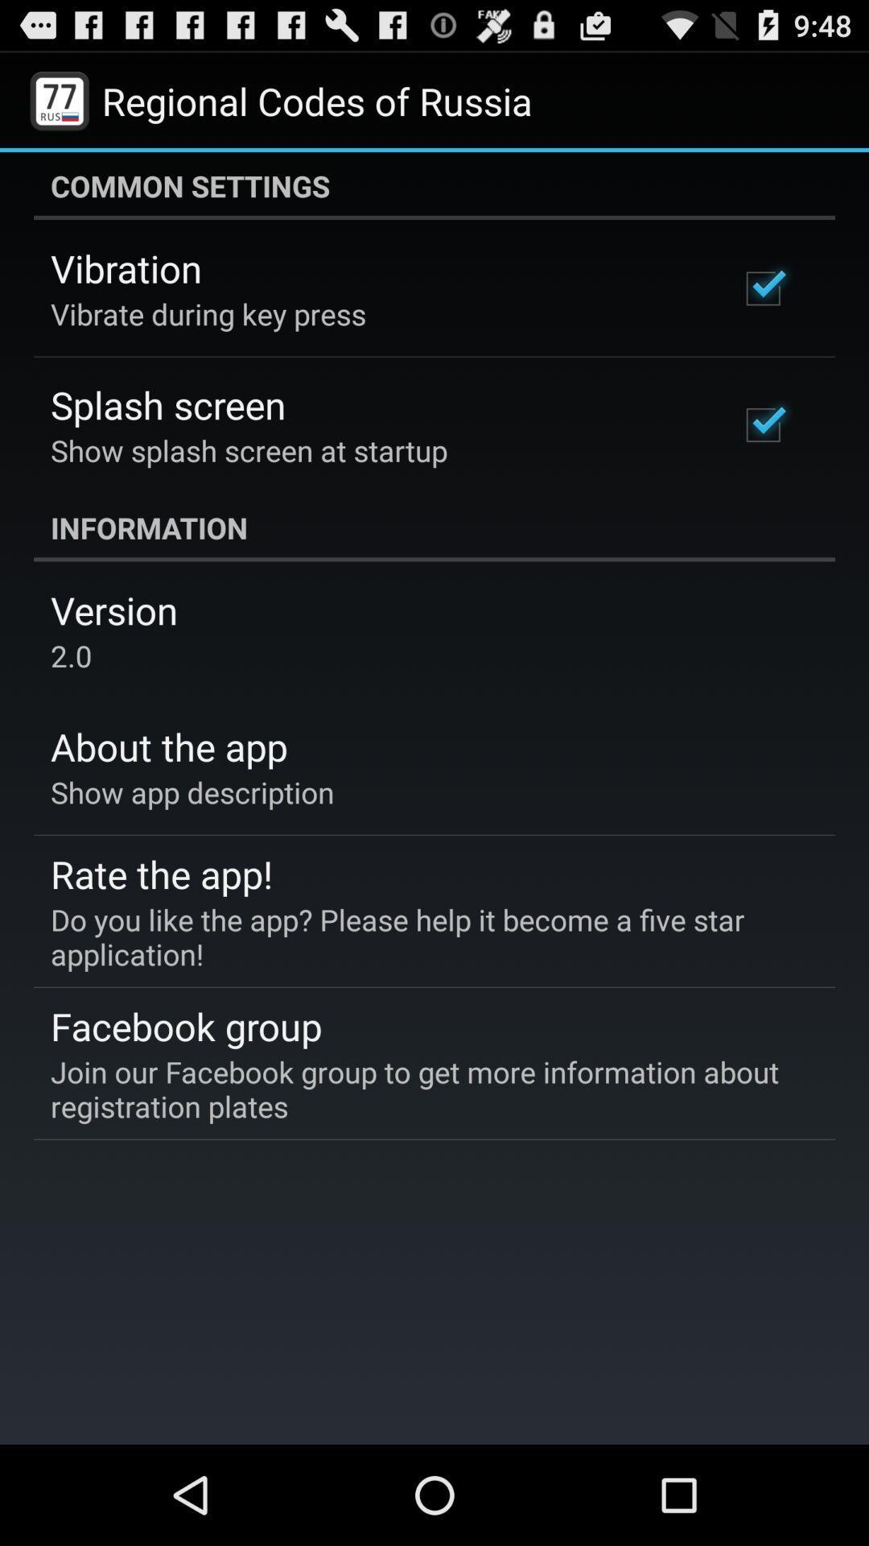 This screenshot has width=869, height=1546. I want to click on the common settings item, so click(434, 185).